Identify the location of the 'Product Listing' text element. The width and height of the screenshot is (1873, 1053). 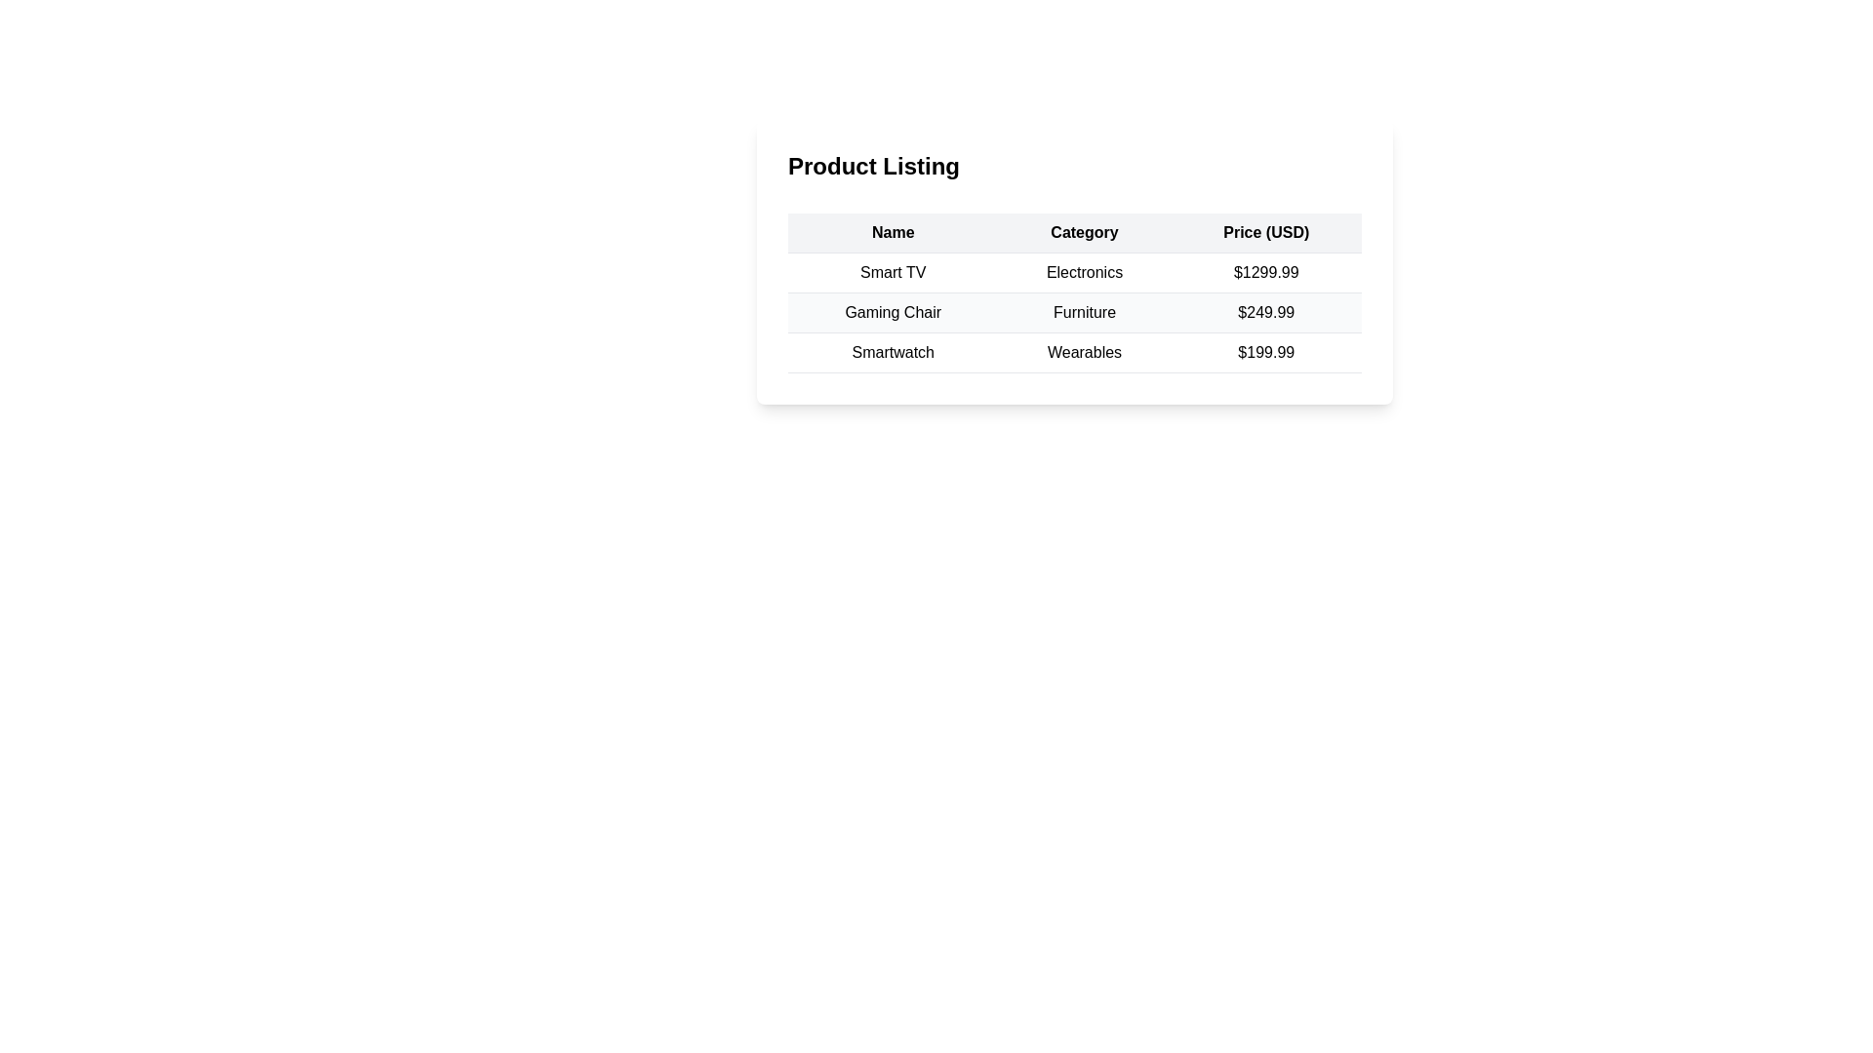
(1074, 169).